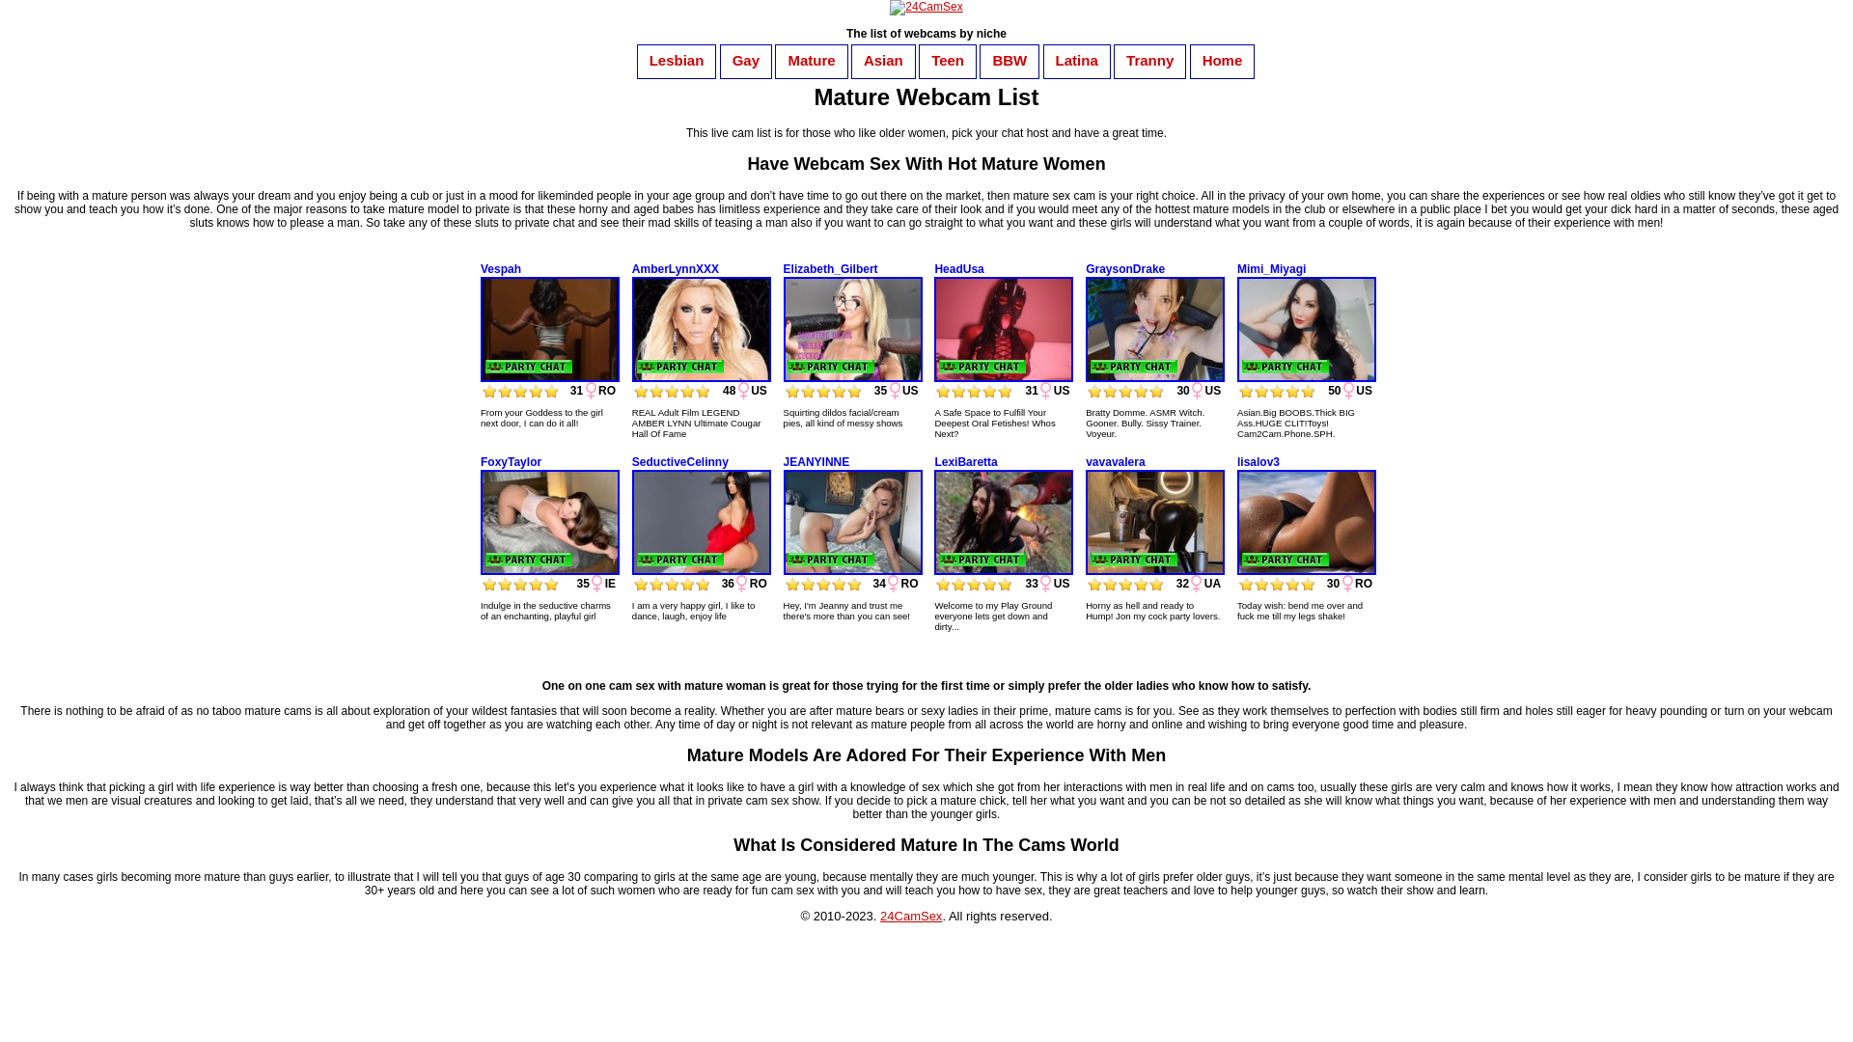 The width and height of the screenshot is (1853, 1042). Describe the element at coordinates (910, 915) in the screenshot. I see `'24CamSex'` at that location.